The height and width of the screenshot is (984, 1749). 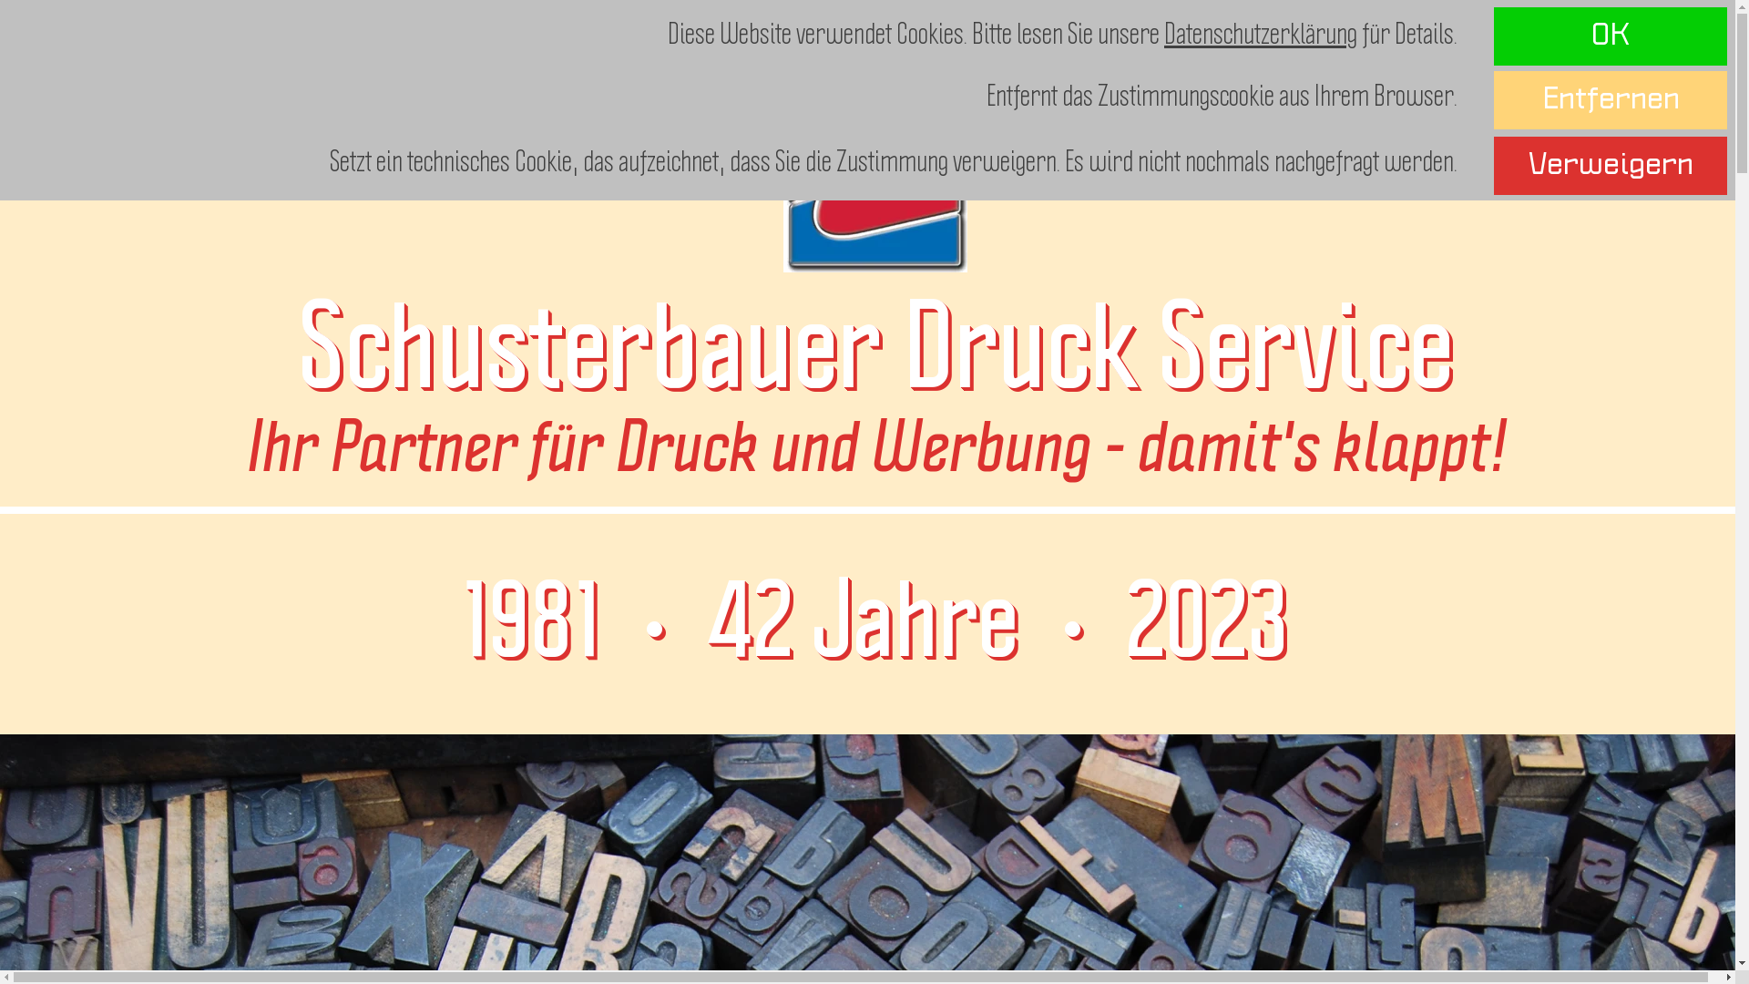 What do you see at coordinates (1610, 100) in the screenshot?
I see `'Entfernen'` at bounding box center [1610, 100].